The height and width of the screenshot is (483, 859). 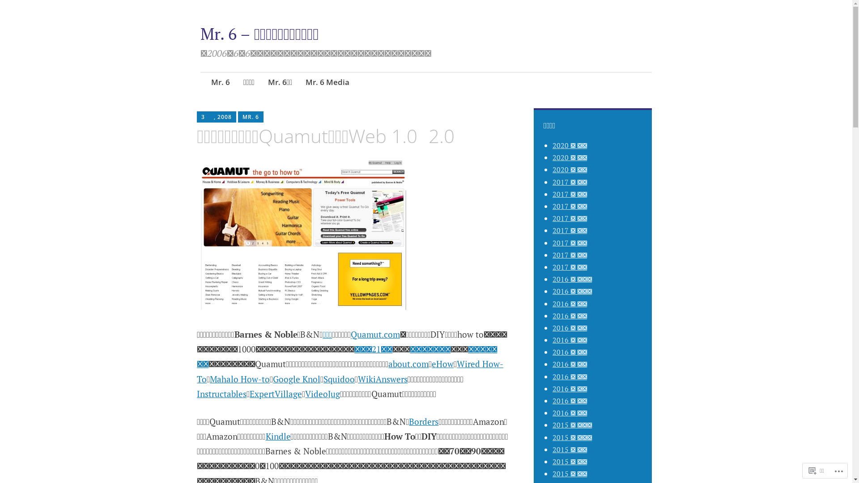 What do you see at coordinates (275, 393) in the screenshot?
I see `'ExpertVillage'` at bounding box center [275, 393].